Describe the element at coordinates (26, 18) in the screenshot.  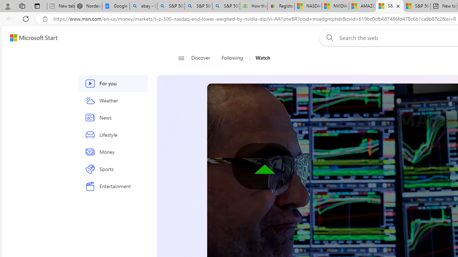
I see `'Refresh'` at that location.